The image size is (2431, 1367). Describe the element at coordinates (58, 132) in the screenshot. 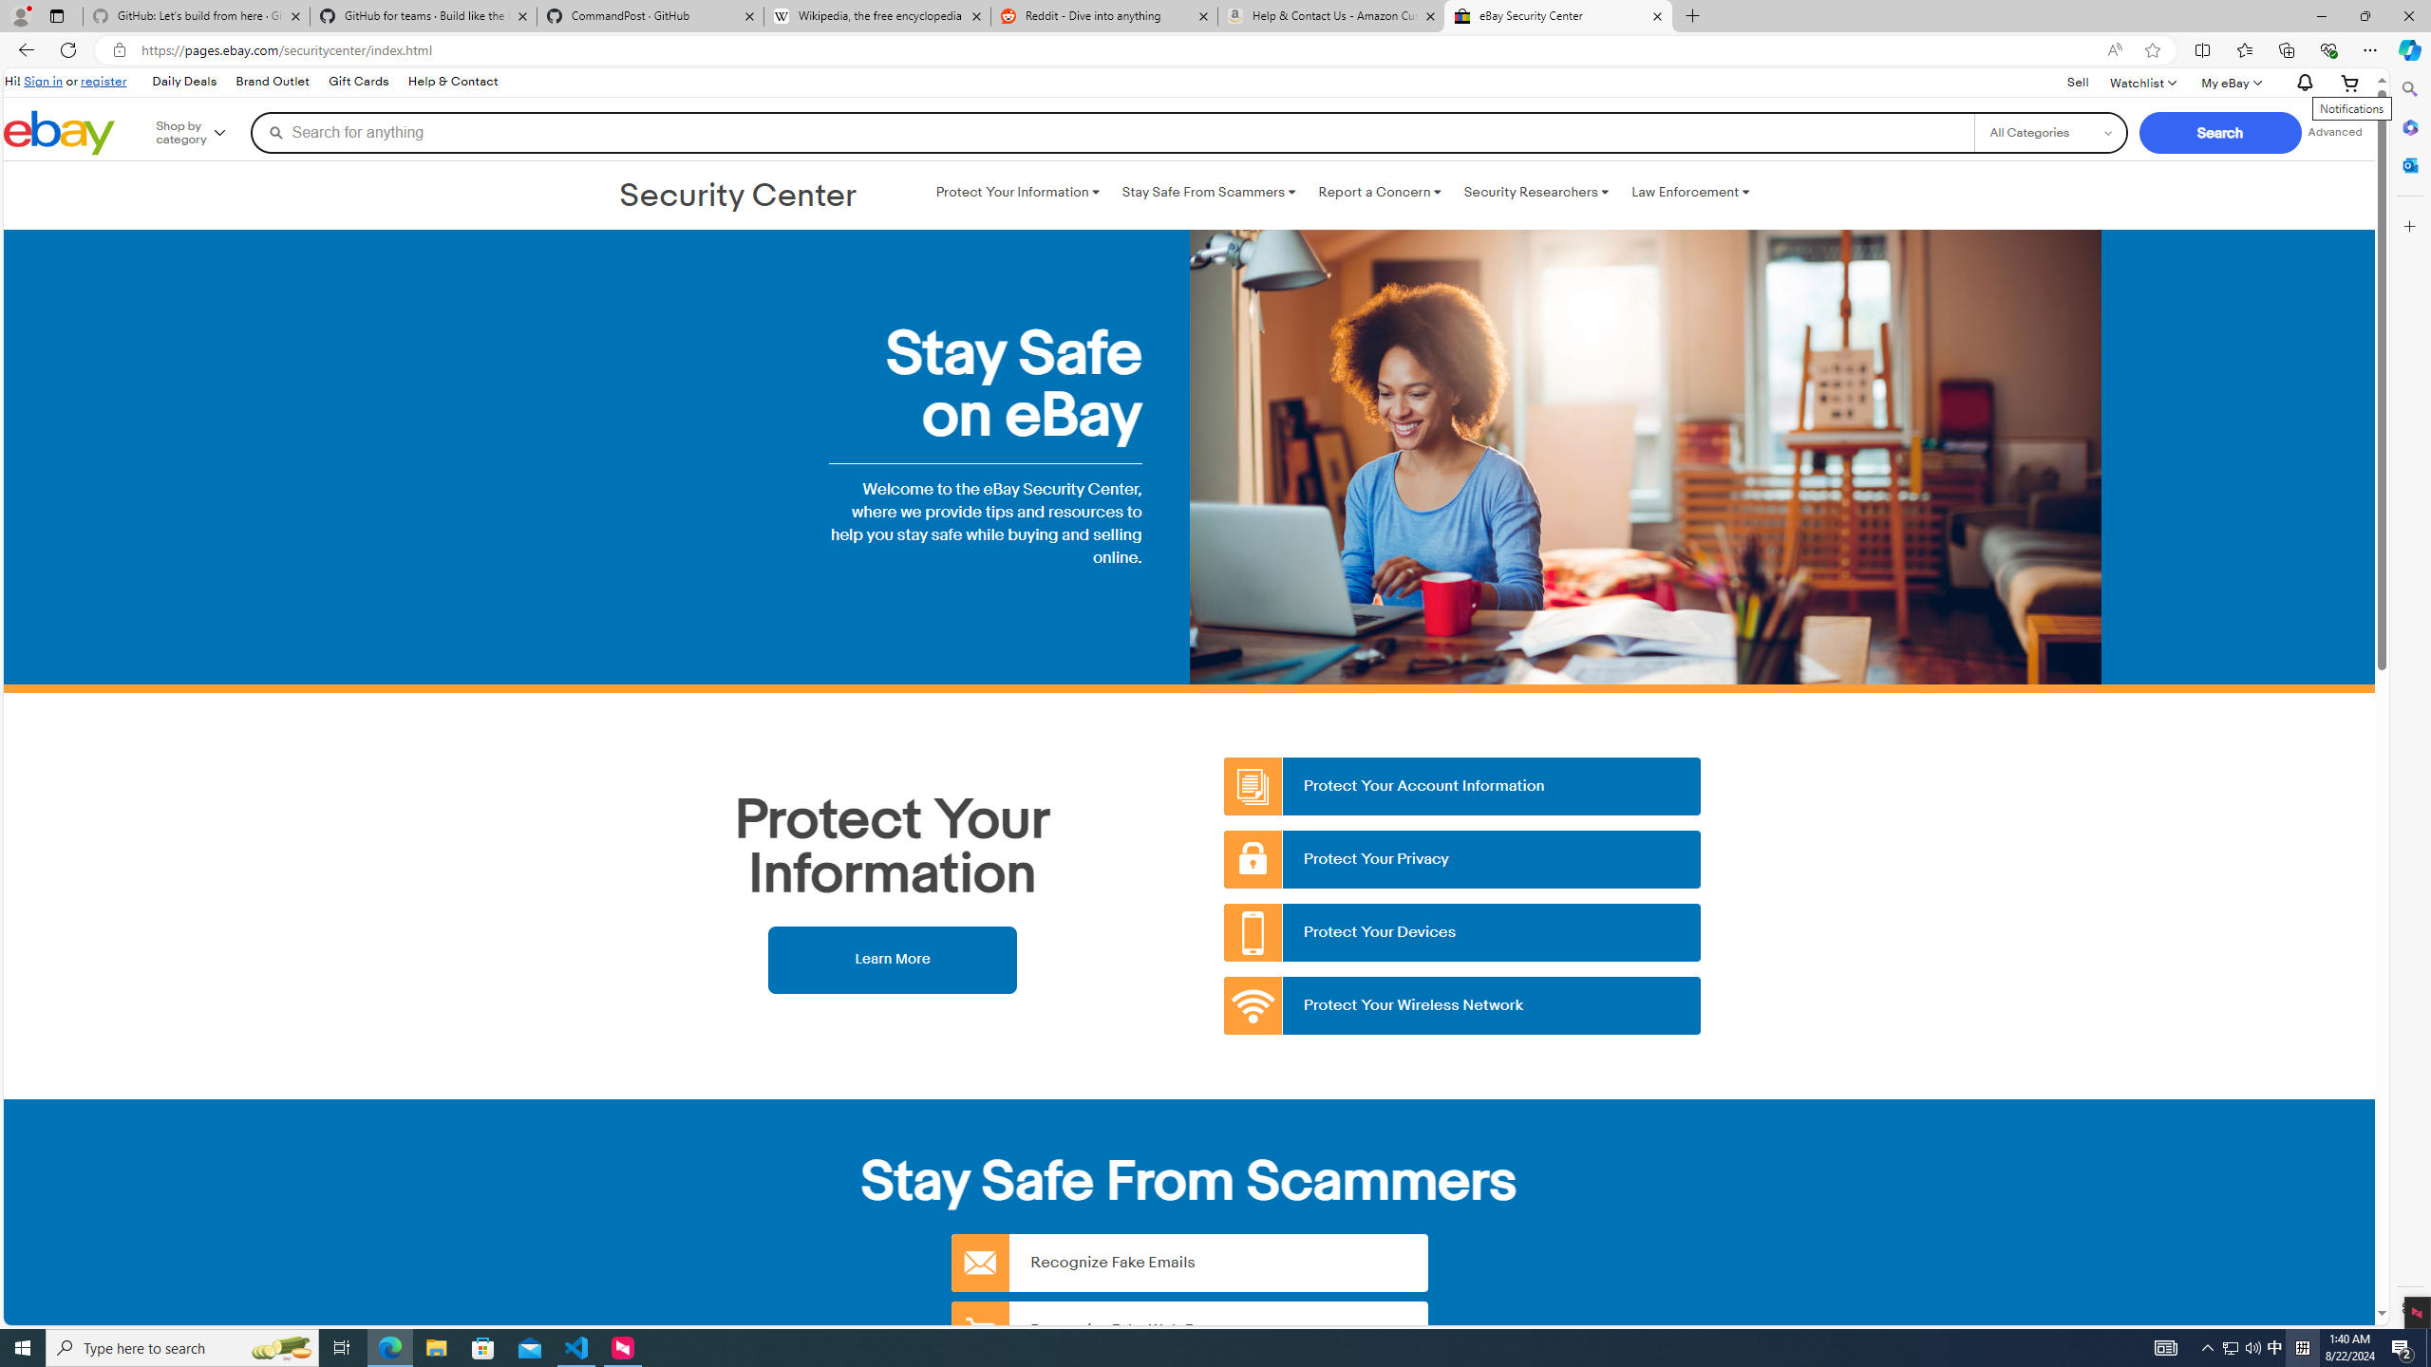

I see `'eBay Home'` at that location.